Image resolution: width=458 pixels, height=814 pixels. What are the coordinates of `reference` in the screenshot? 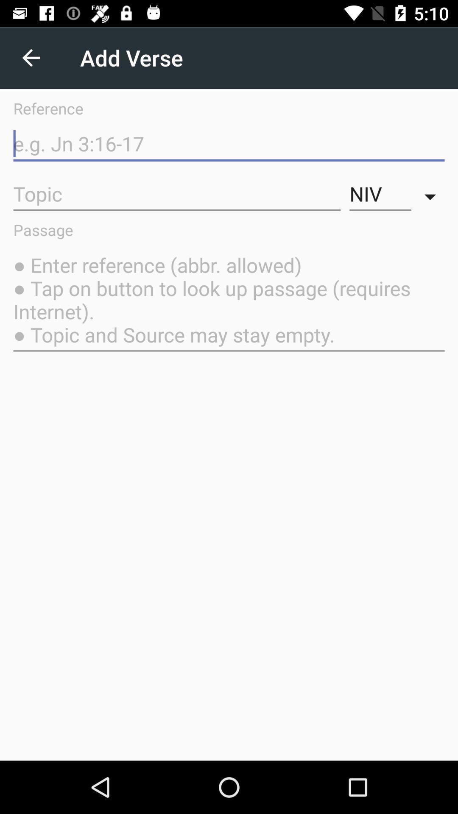 It's located at (229, 144).